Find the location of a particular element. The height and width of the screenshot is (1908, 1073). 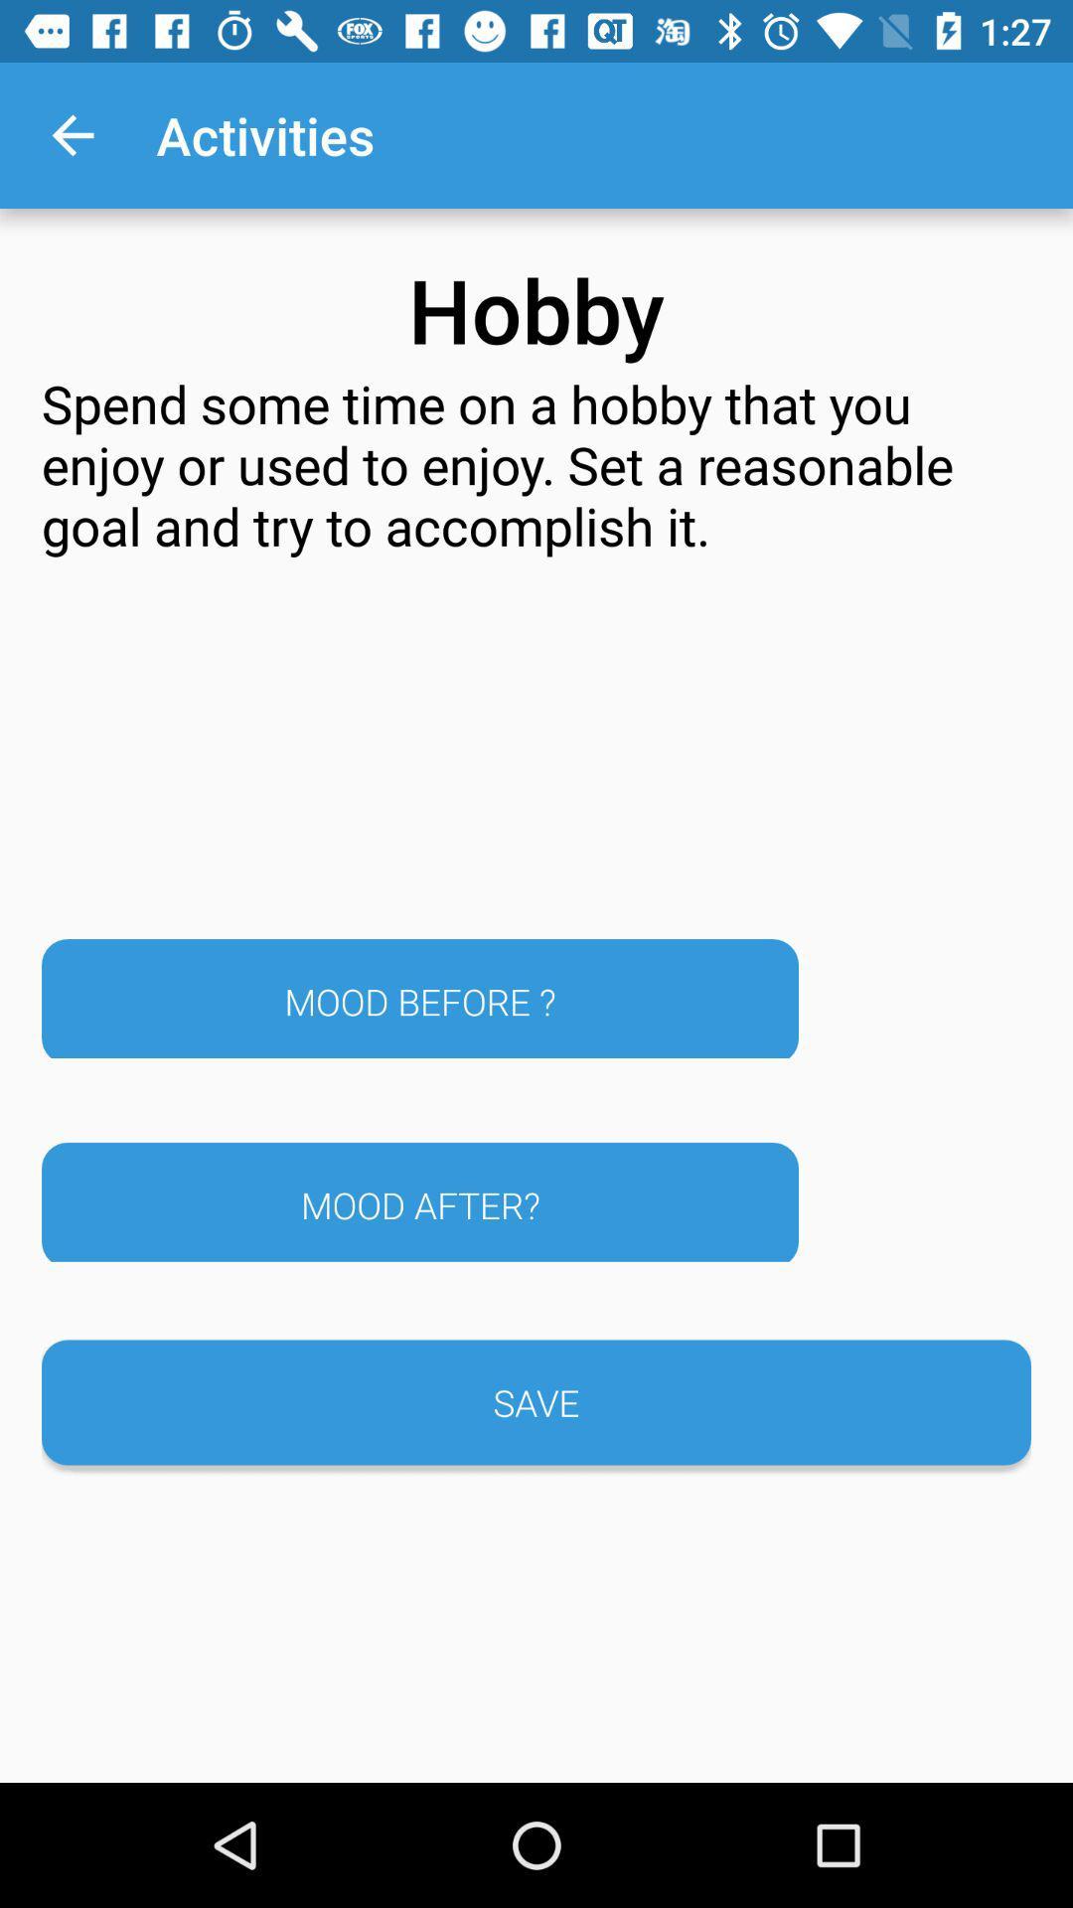

the save button is located at coordinates (536, 1401).